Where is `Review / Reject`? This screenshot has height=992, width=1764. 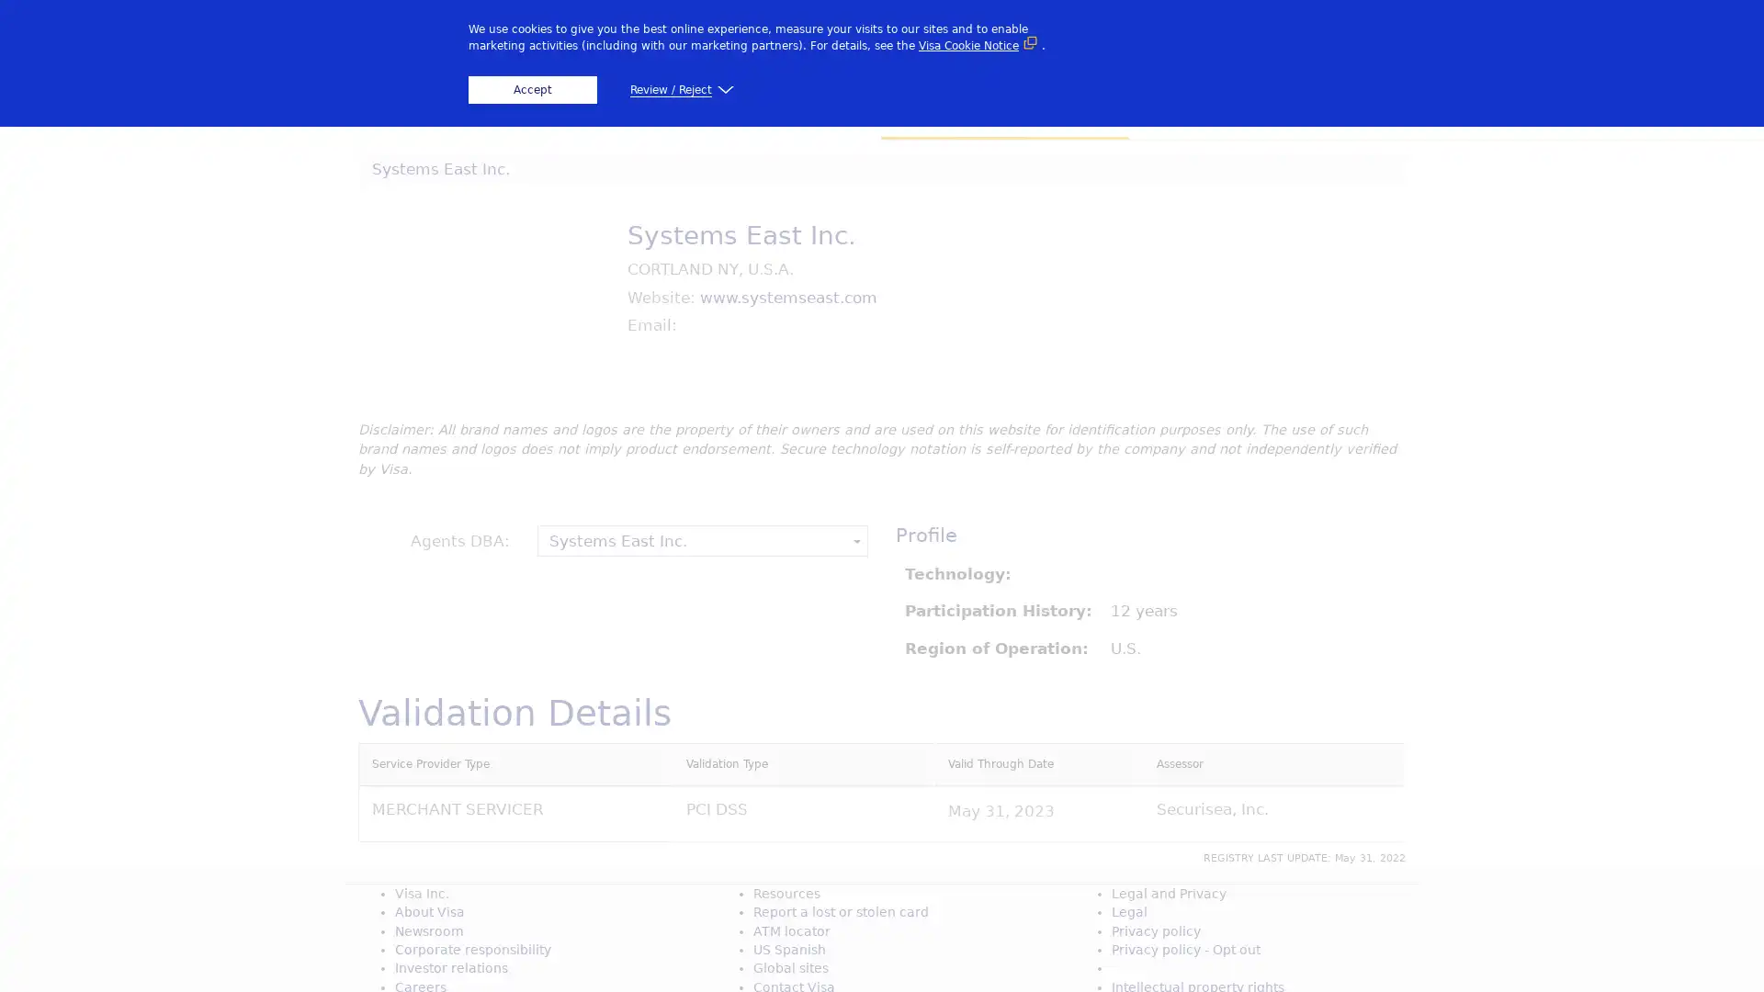 Review / Reject is located at coordinates (678, 88).